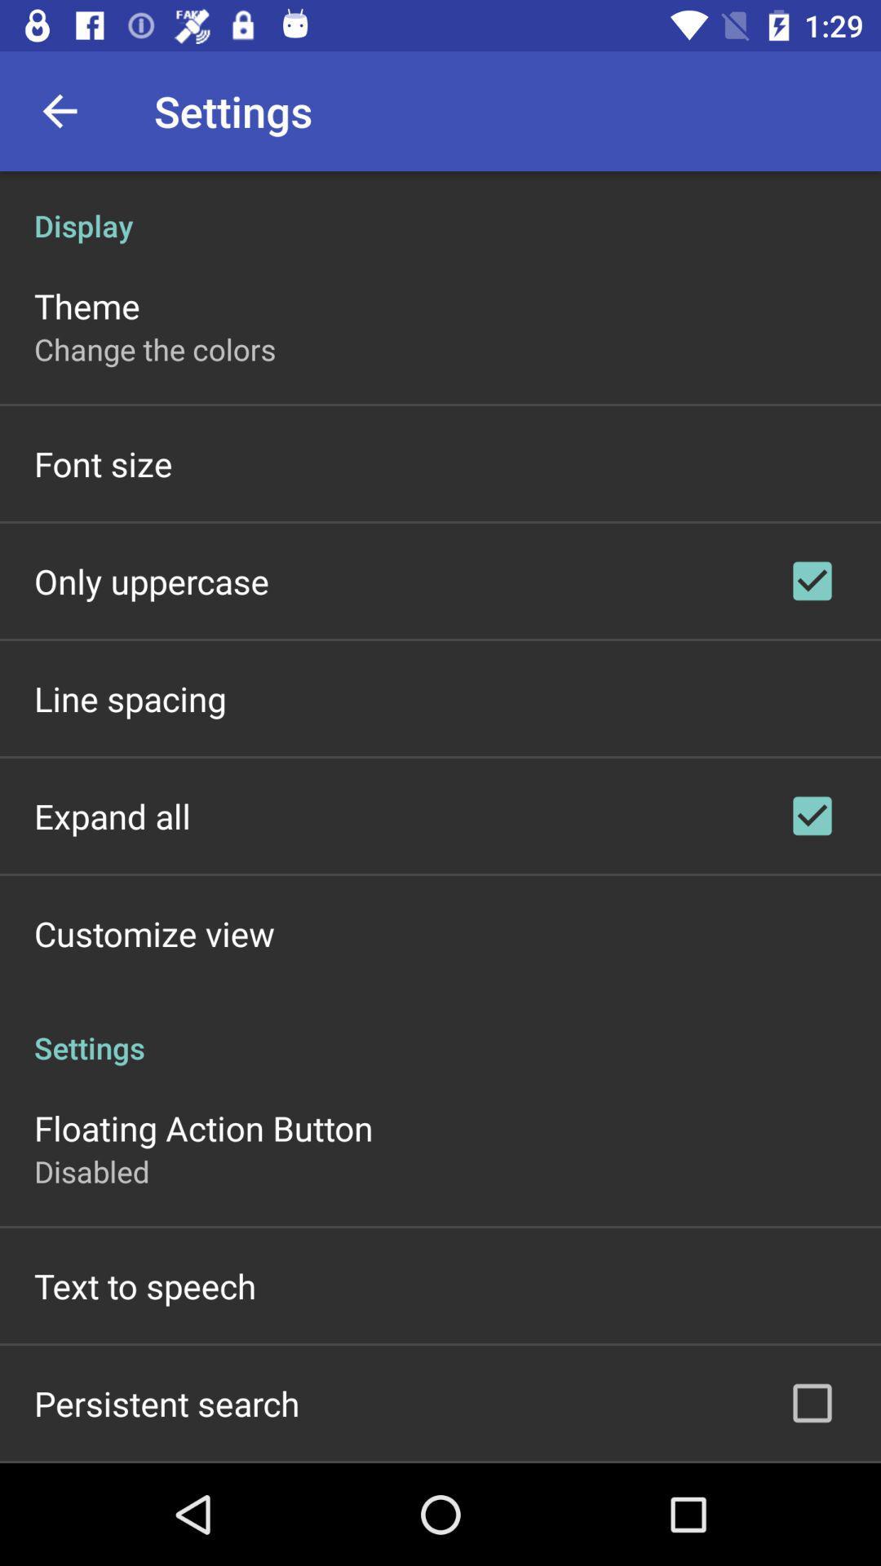 This screenshot has width=881, height=1566. Describe the element at coordinates (202, 1126) in the screenshot. I see `floating action button` at that location.